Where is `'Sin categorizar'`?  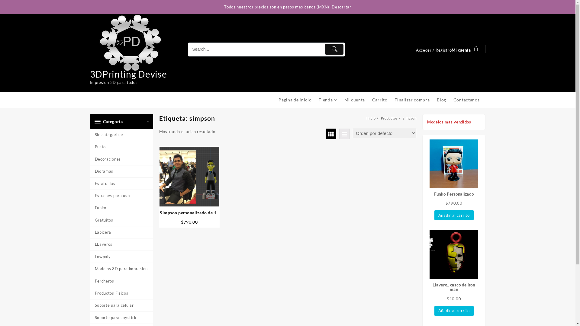
'Sin categorizar' is located at coordinates (121, 135).